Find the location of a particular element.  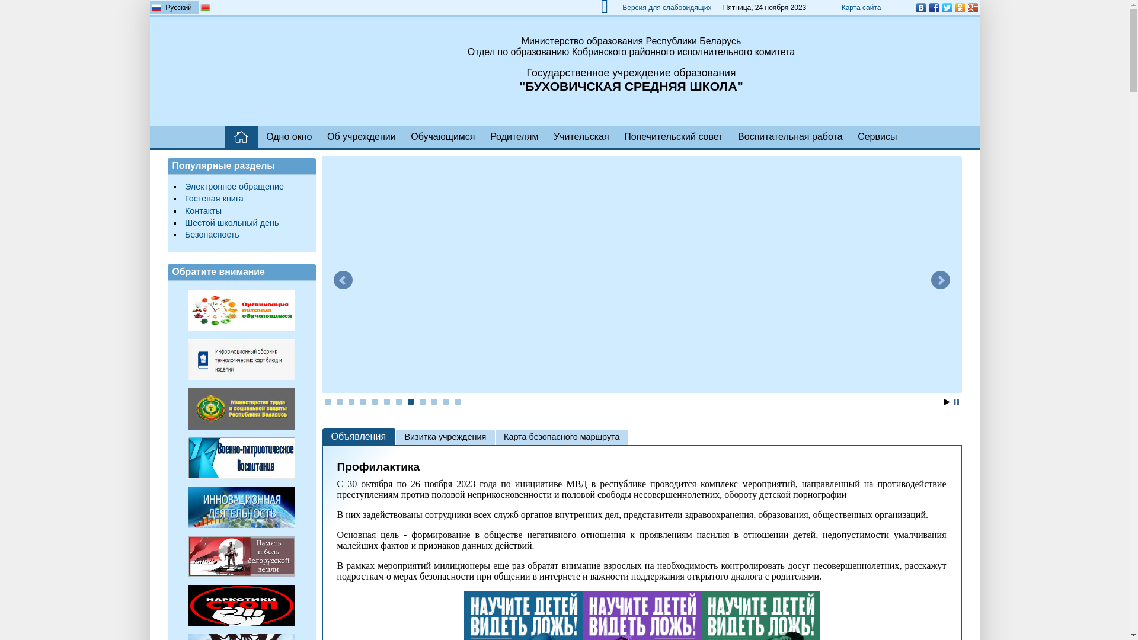

'Prev' is located at coordinates (341, 280).